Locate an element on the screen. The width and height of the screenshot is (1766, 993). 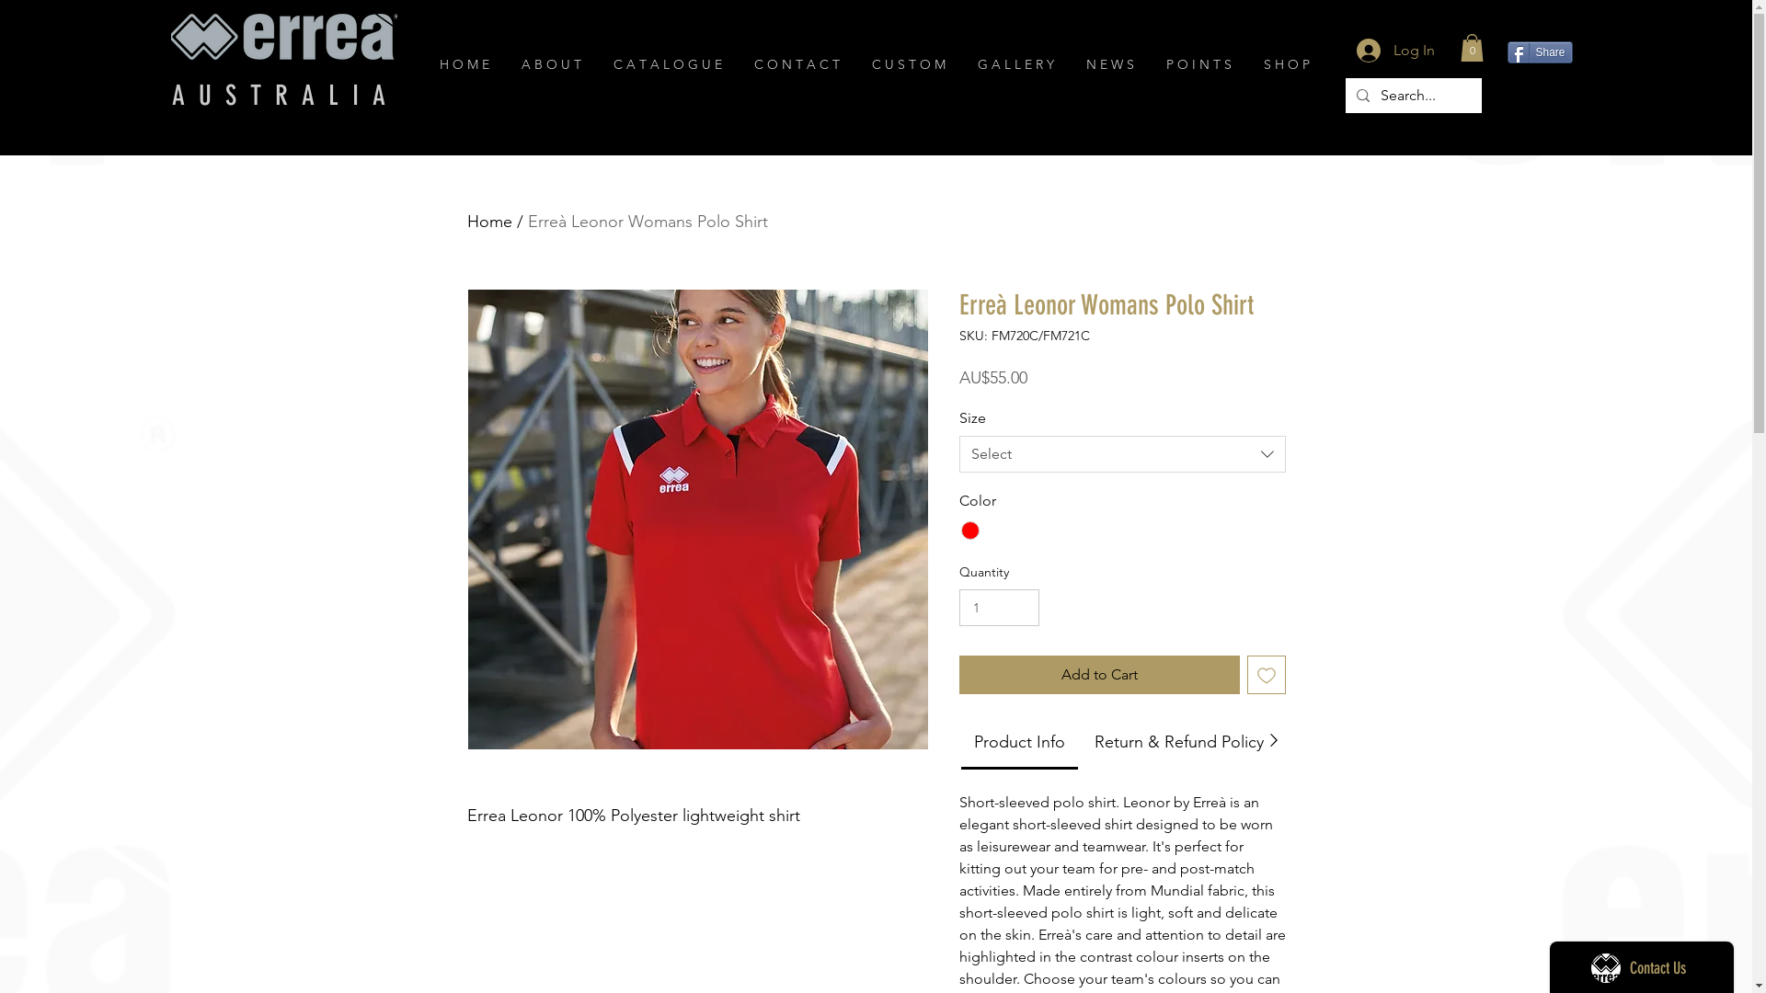
'P O I N T S' is located at coordinates (1200, 63).